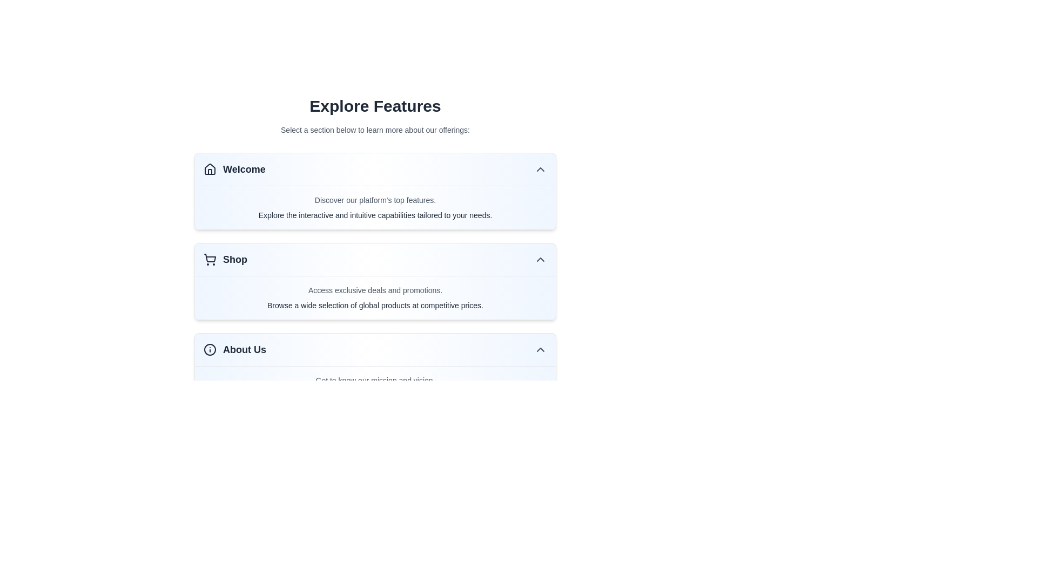  I want to click on the 'Shop' icon, which serves as a visual indicator for the shopping section, located under the 'Explore Features' heading, so click(210, 260).